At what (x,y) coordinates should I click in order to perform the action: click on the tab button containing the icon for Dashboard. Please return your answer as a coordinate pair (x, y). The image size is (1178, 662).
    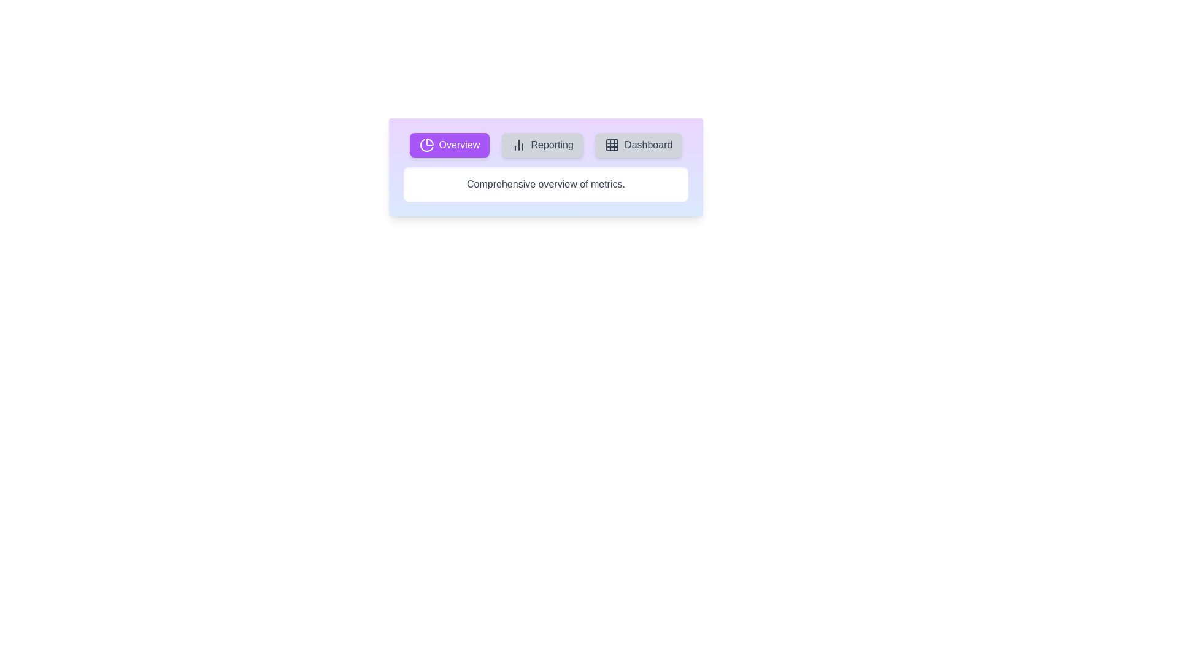
    Looking at the image, I should click on (638, 144).